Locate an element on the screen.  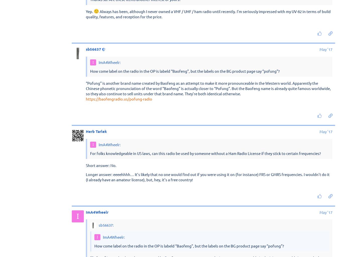
'https://baofengradio.us/pofung-radio' is located at coordinates (119, 244).